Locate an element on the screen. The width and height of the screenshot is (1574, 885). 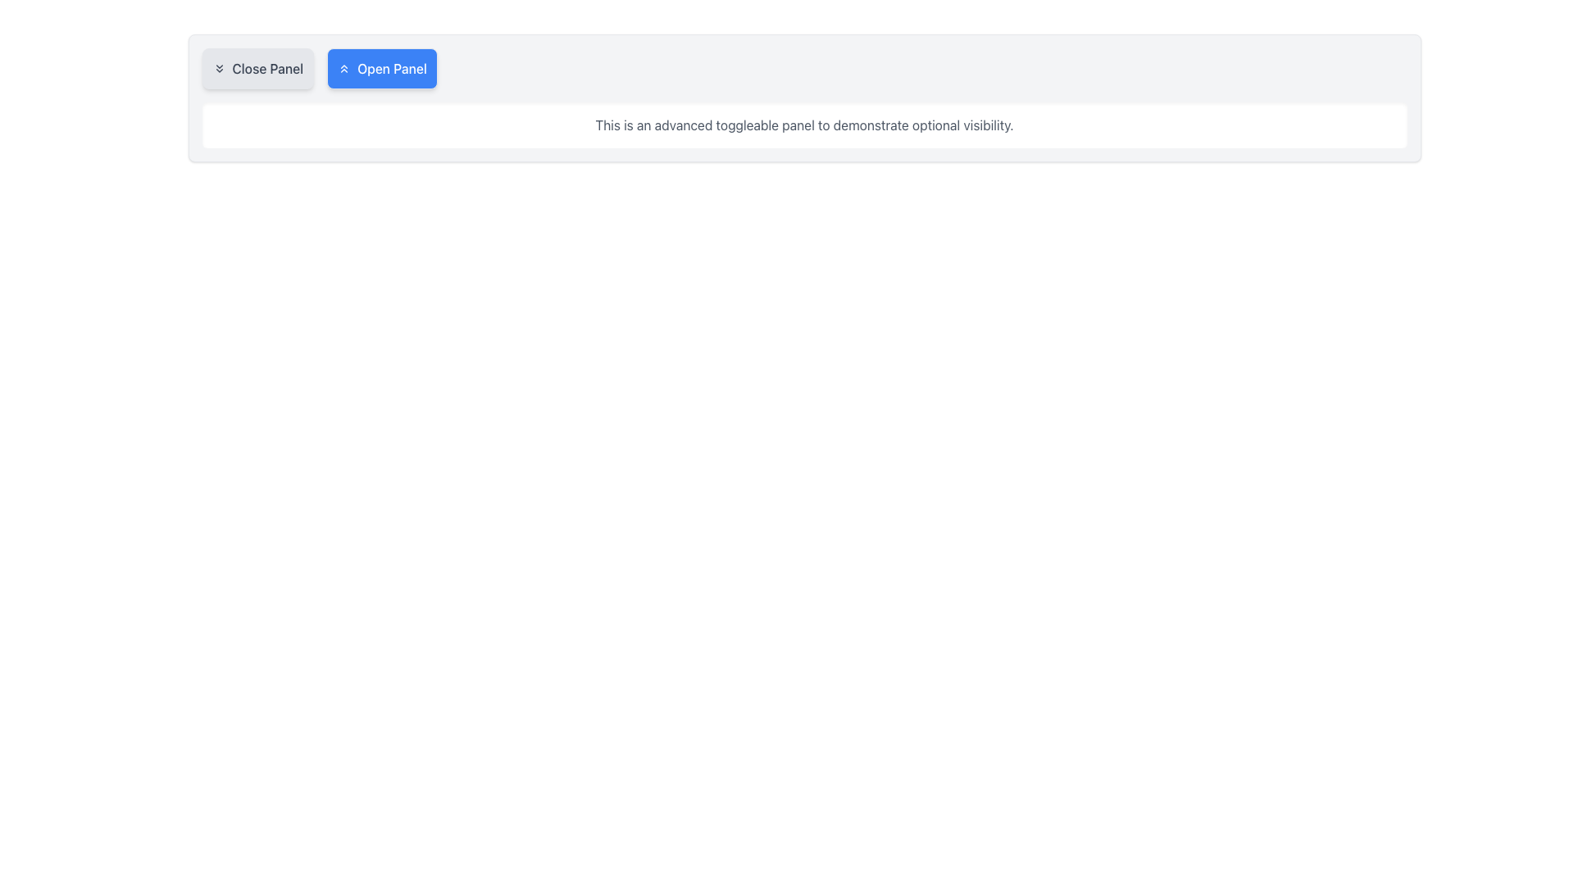
content displayed in the Text Panel, which is a rectangular panel with a white background and rounded corners, containing the text 'This is an advanced toggleable panel to demonstrate optional visibility.' is located at coordinates (804, 125).